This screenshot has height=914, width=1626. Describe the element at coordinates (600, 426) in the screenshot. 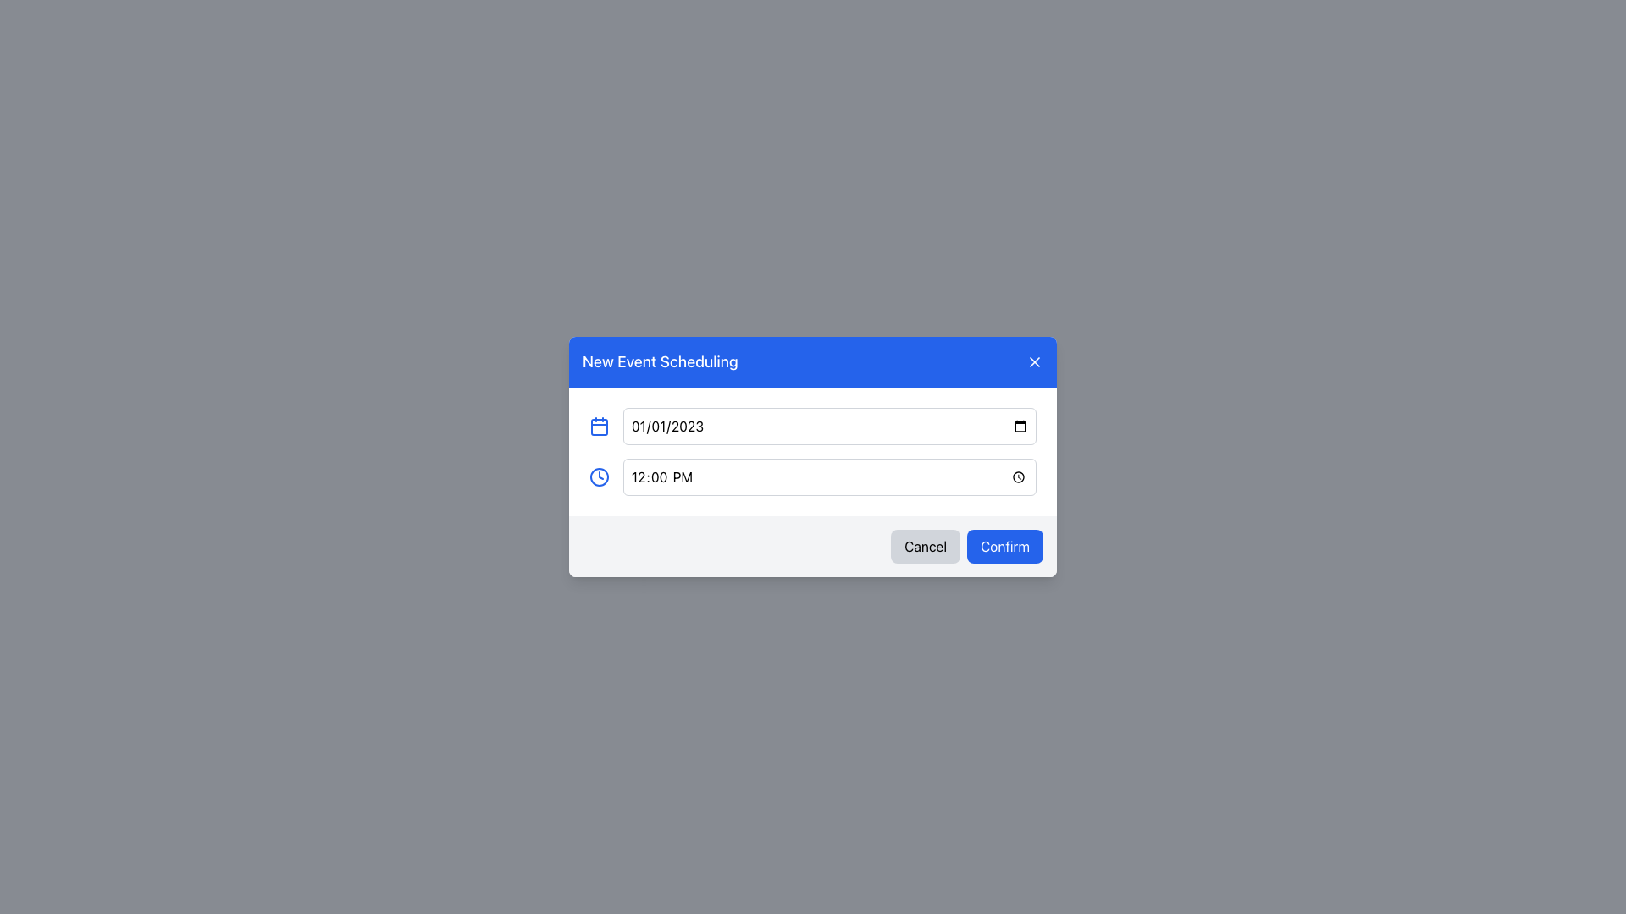

I see `the date picker icon located in the top-left corner of the card layout, which serves as a visual indicator for the date picker input` at that location.